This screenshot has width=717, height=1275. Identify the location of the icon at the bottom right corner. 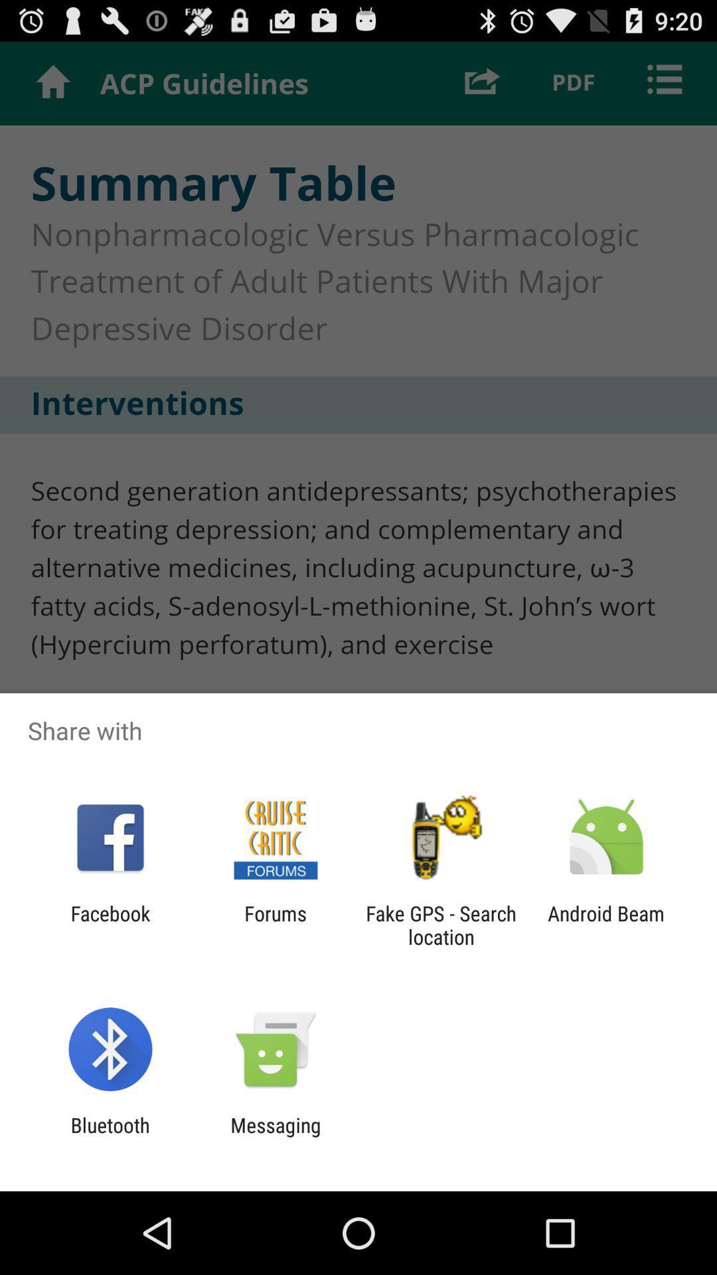
(606, 924).